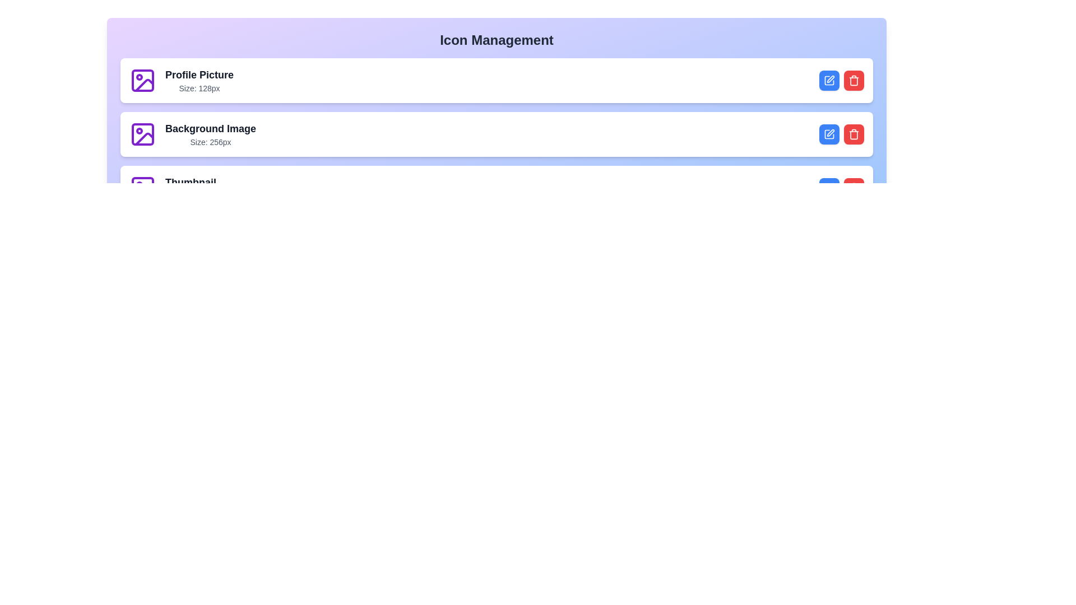 This screenshot has width=1076, height=605. What do you see at coordinates (853, 134) in the screenshot?
I see `the middle component of the trash can icon, which signifies a delete operation, located within the right-side action buttons of a list entry` at bounding box center [853, 134].